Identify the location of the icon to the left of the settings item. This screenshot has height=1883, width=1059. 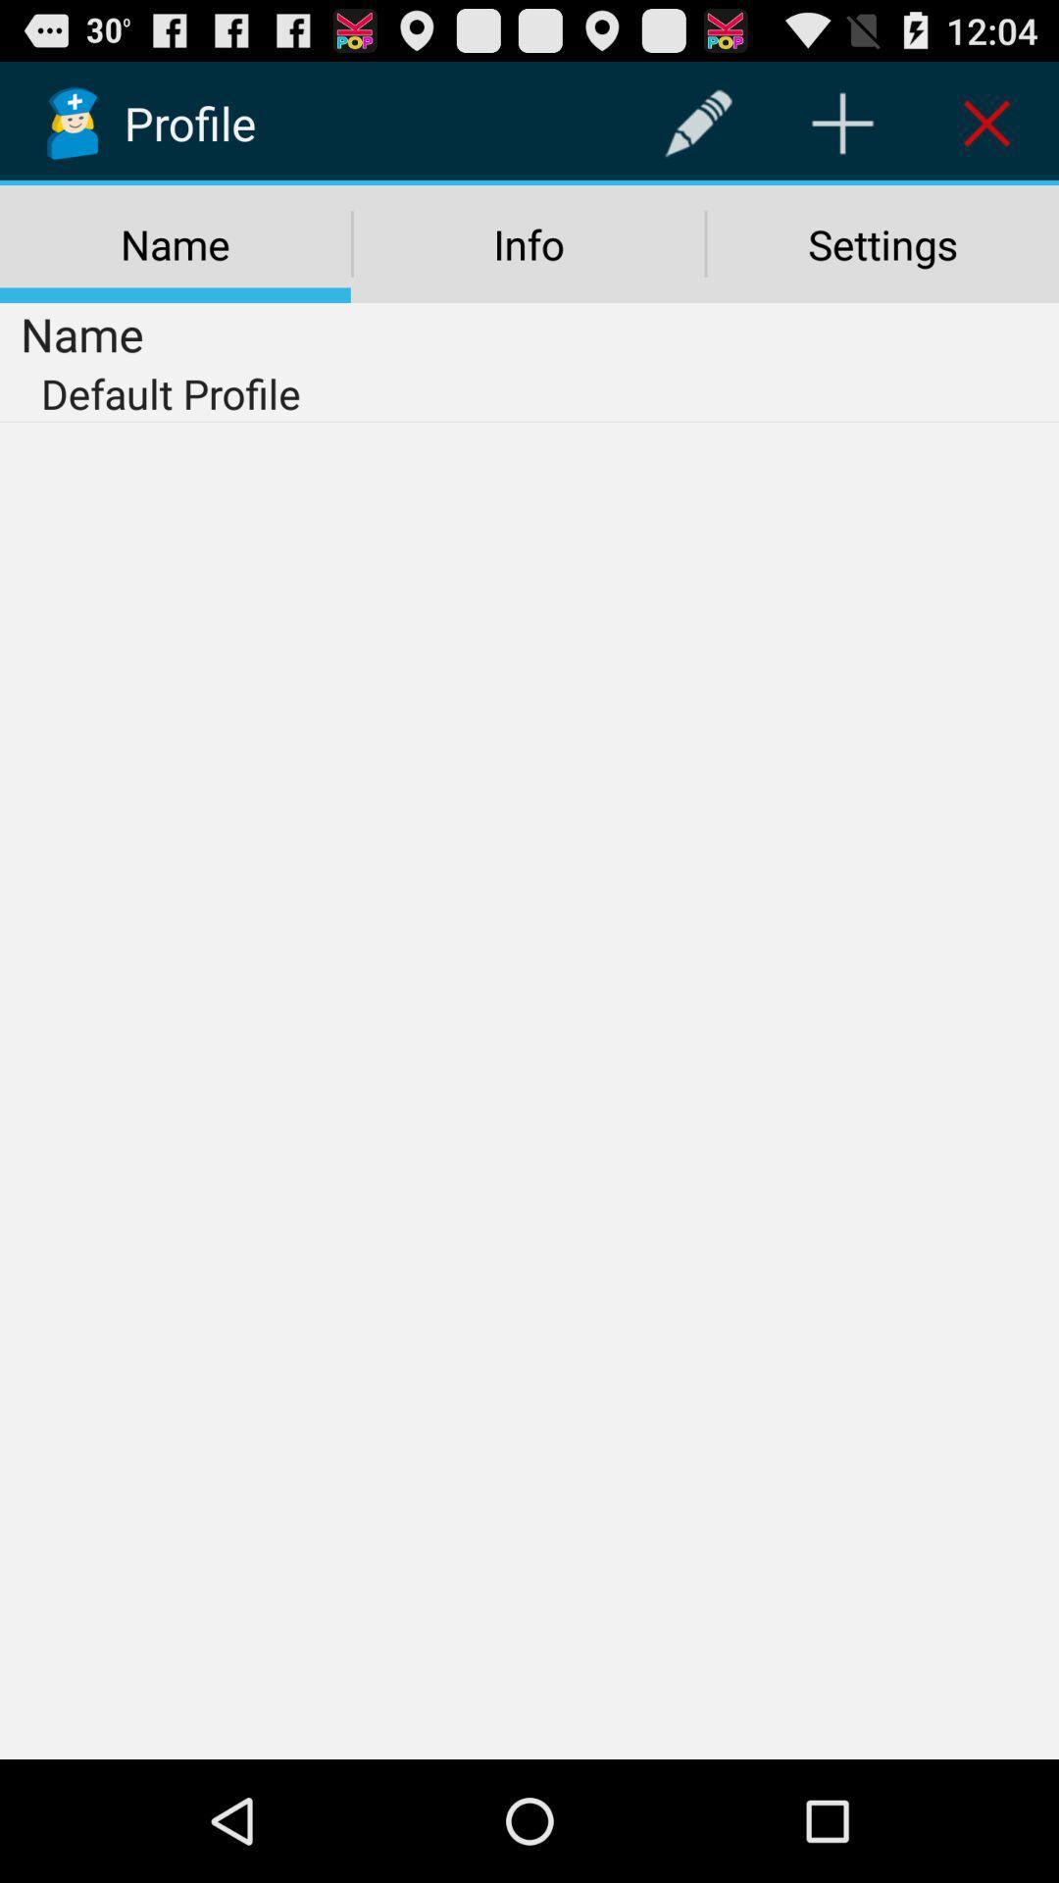
(528, 243).